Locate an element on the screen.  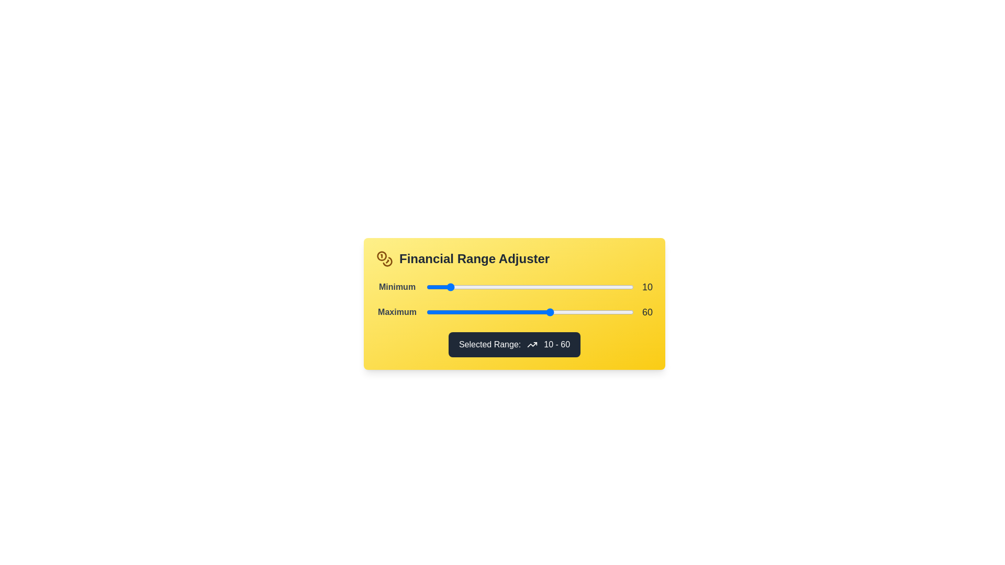
the 'Minimum' slider to 31 within its range is located at coordinates (490, 287).